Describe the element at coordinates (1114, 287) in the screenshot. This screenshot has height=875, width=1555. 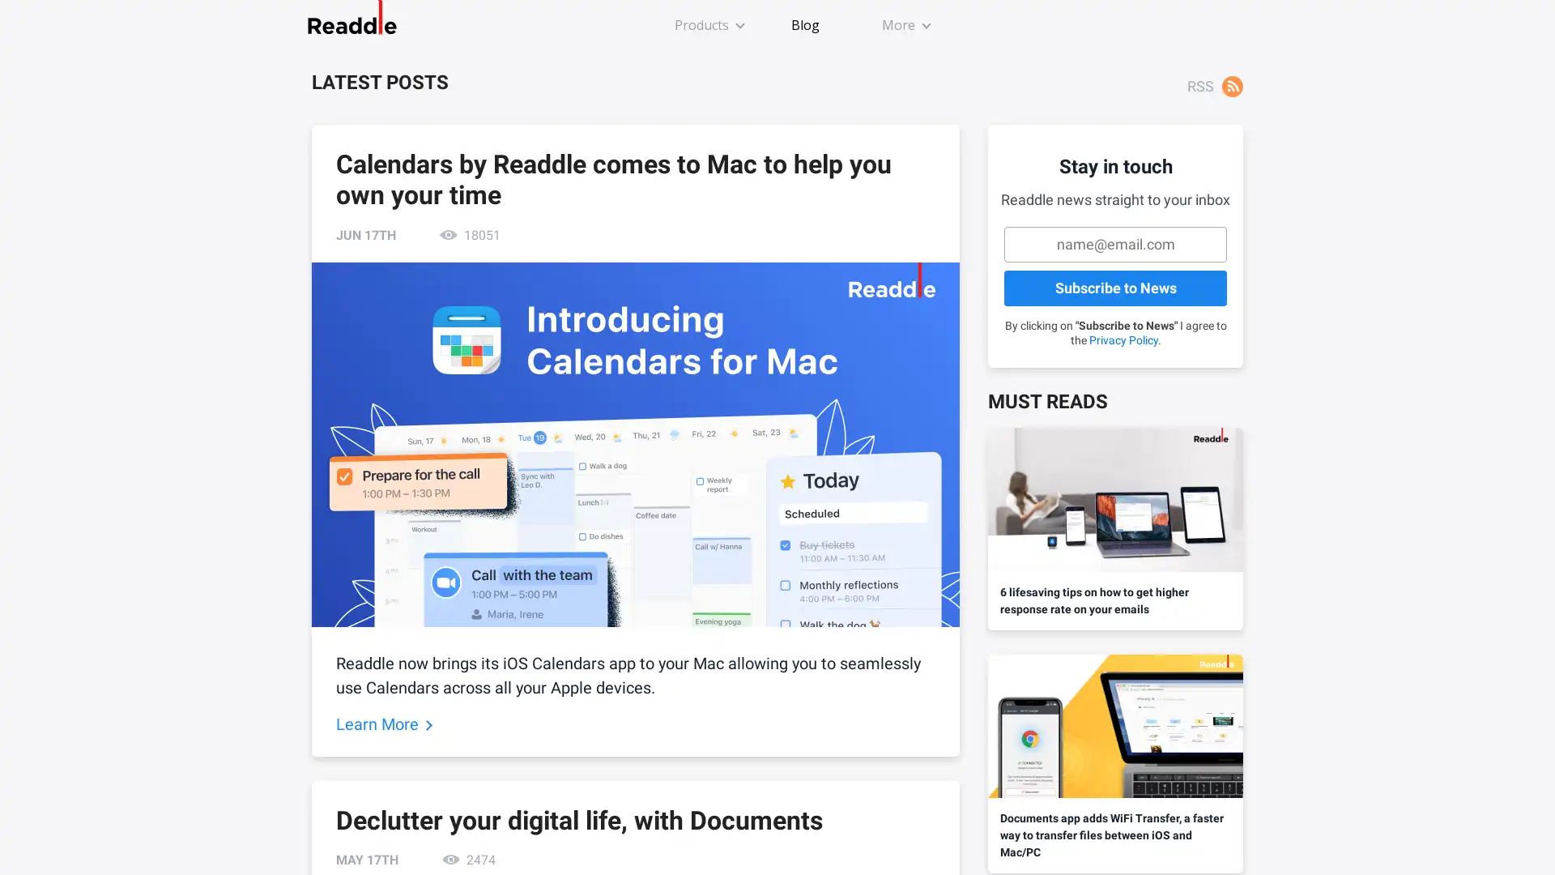
I see `Subscribe to News` at that location.